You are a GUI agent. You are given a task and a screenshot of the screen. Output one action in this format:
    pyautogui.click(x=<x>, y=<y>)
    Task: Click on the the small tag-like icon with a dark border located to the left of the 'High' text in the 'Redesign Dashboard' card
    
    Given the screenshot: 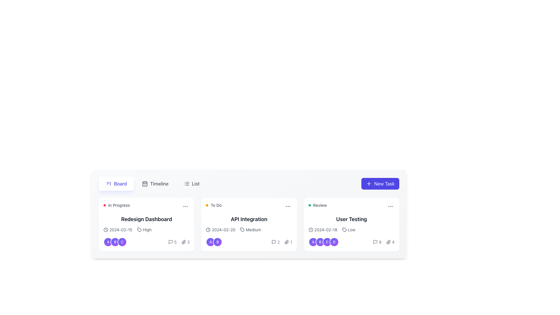 What is the action you would take?
    pyautogui.click(x=139, y=229)
    